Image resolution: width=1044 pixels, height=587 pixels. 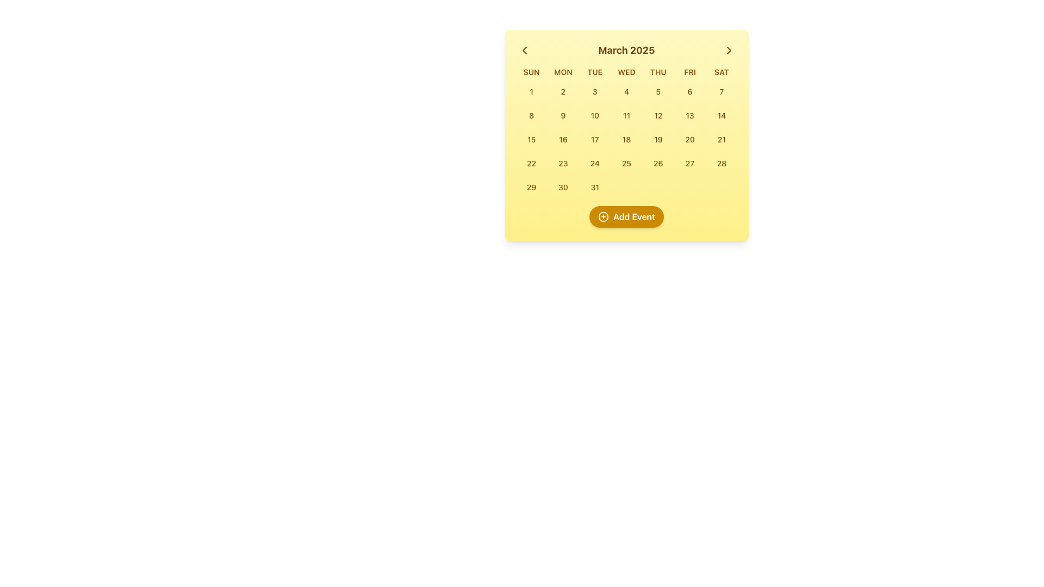 I want to click on the header text for the calendar that indicates the days of the week, located below the title 'March 2025', so click(x=626, y=72).